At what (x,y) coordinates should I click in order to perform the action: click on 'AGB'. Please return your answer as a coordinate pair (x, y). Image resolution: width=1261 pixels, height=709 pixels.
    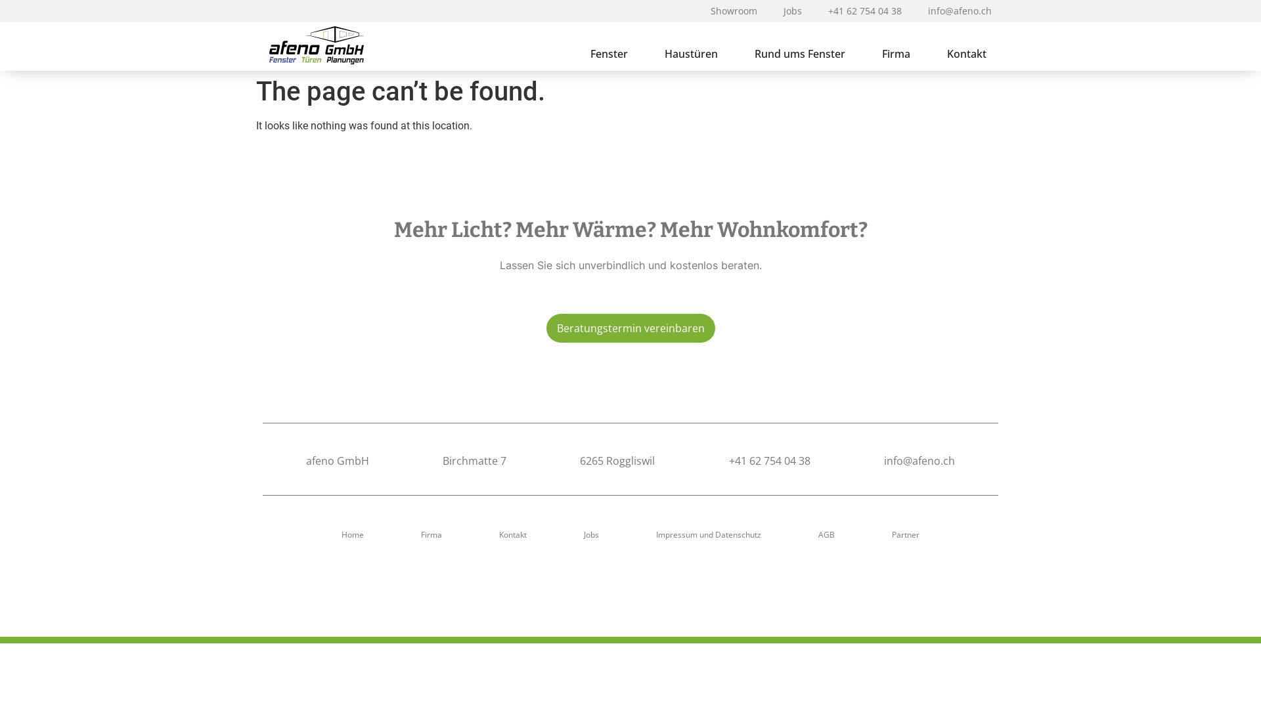
    Looking at the image, I should click on (826, 534).